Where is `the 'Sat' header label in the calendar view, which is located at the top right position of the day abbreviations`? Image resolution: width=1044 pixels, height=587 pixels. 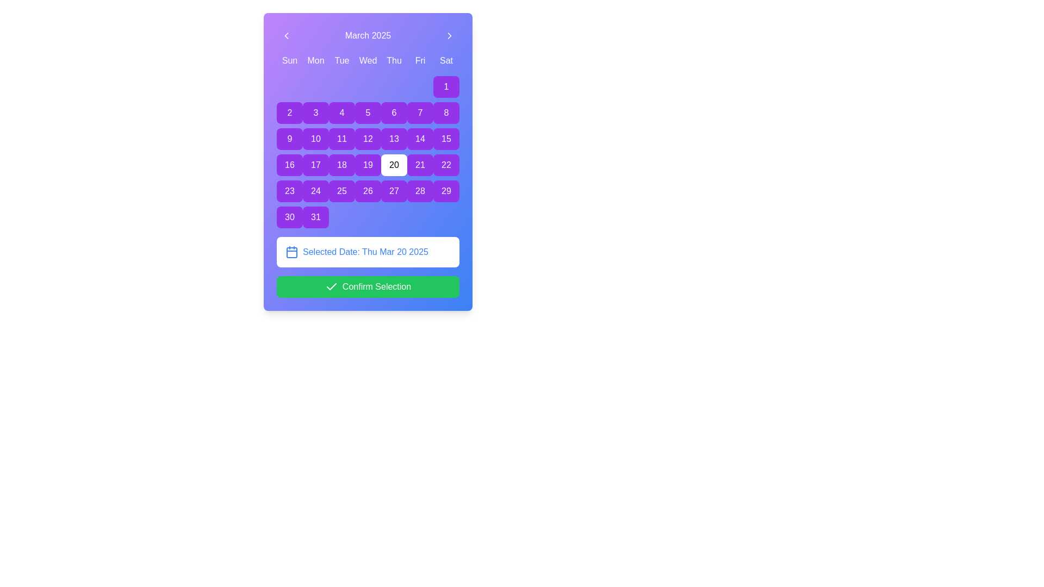
the 'Sat' header label in the calendar view, which is located at the top right position of the day abbreviations is located at coordinates (446, 60).